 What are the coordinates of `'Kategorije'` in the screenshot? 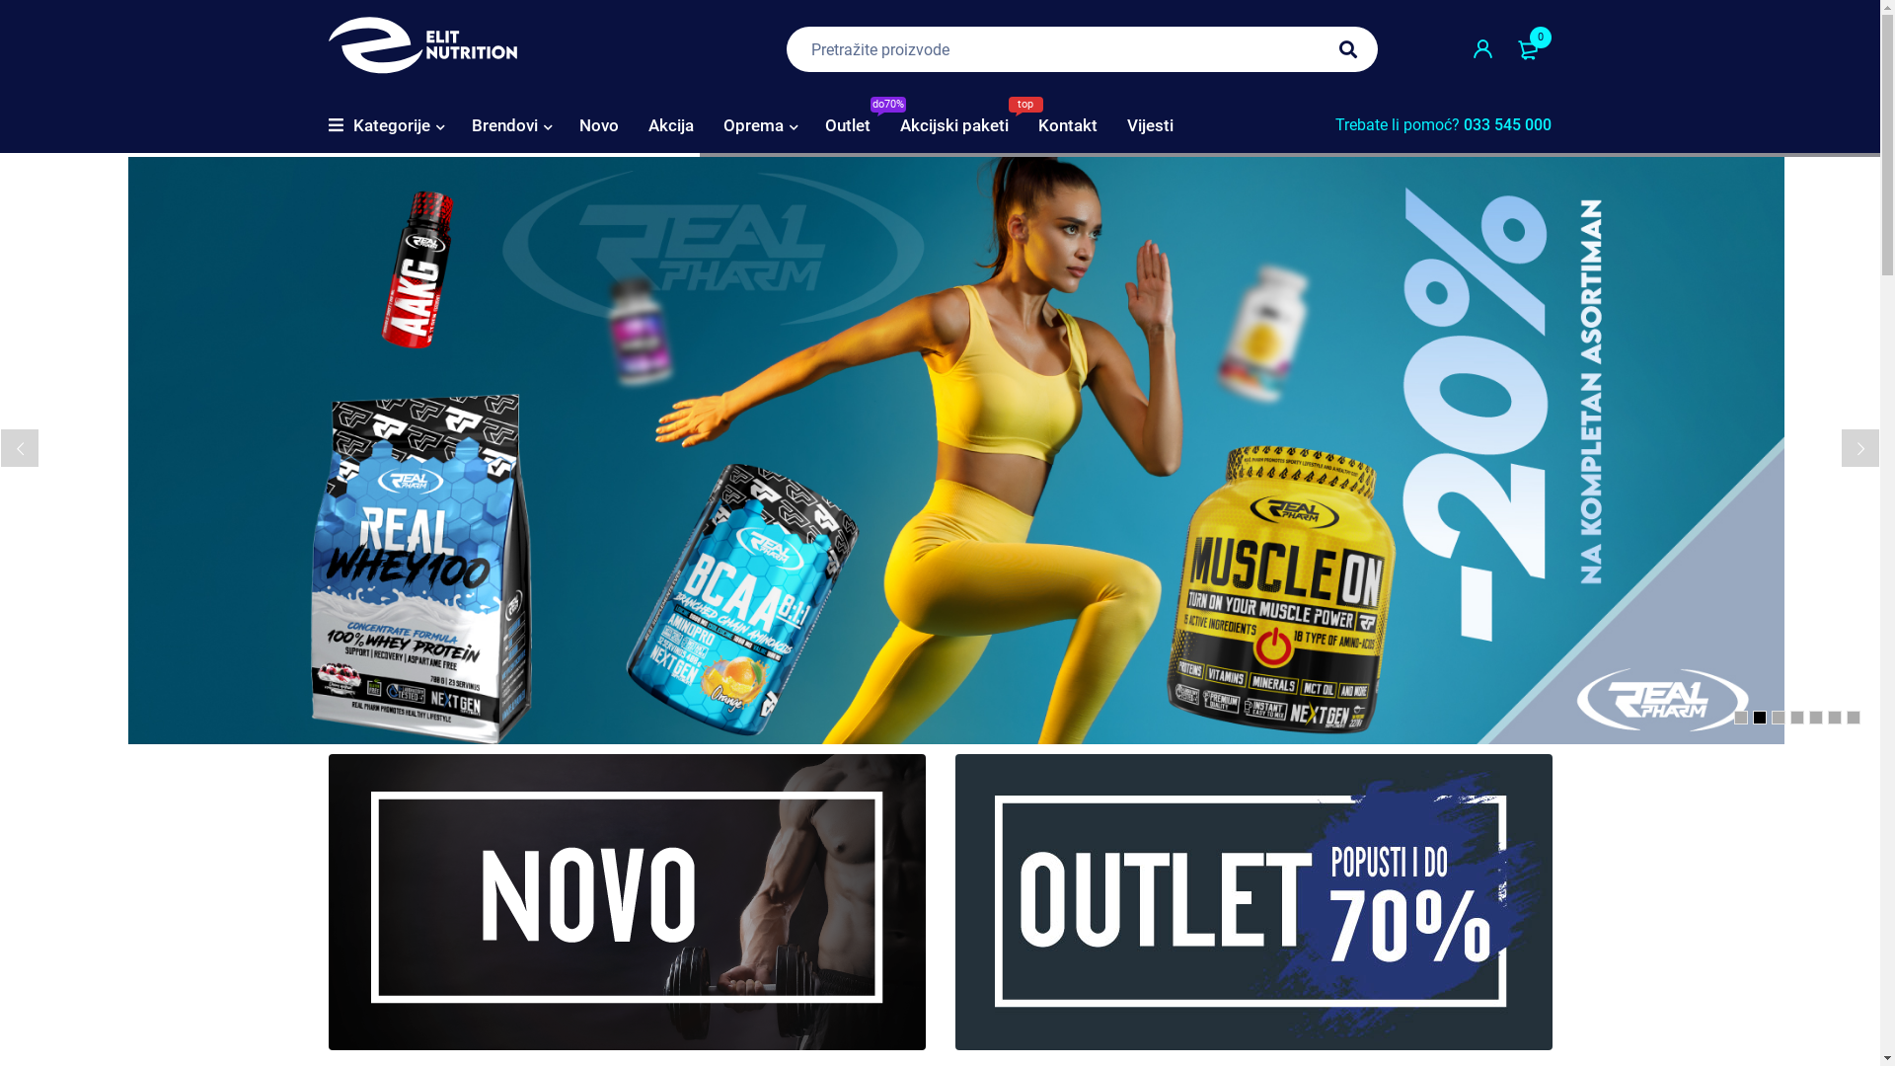 It's located at (392, 125).